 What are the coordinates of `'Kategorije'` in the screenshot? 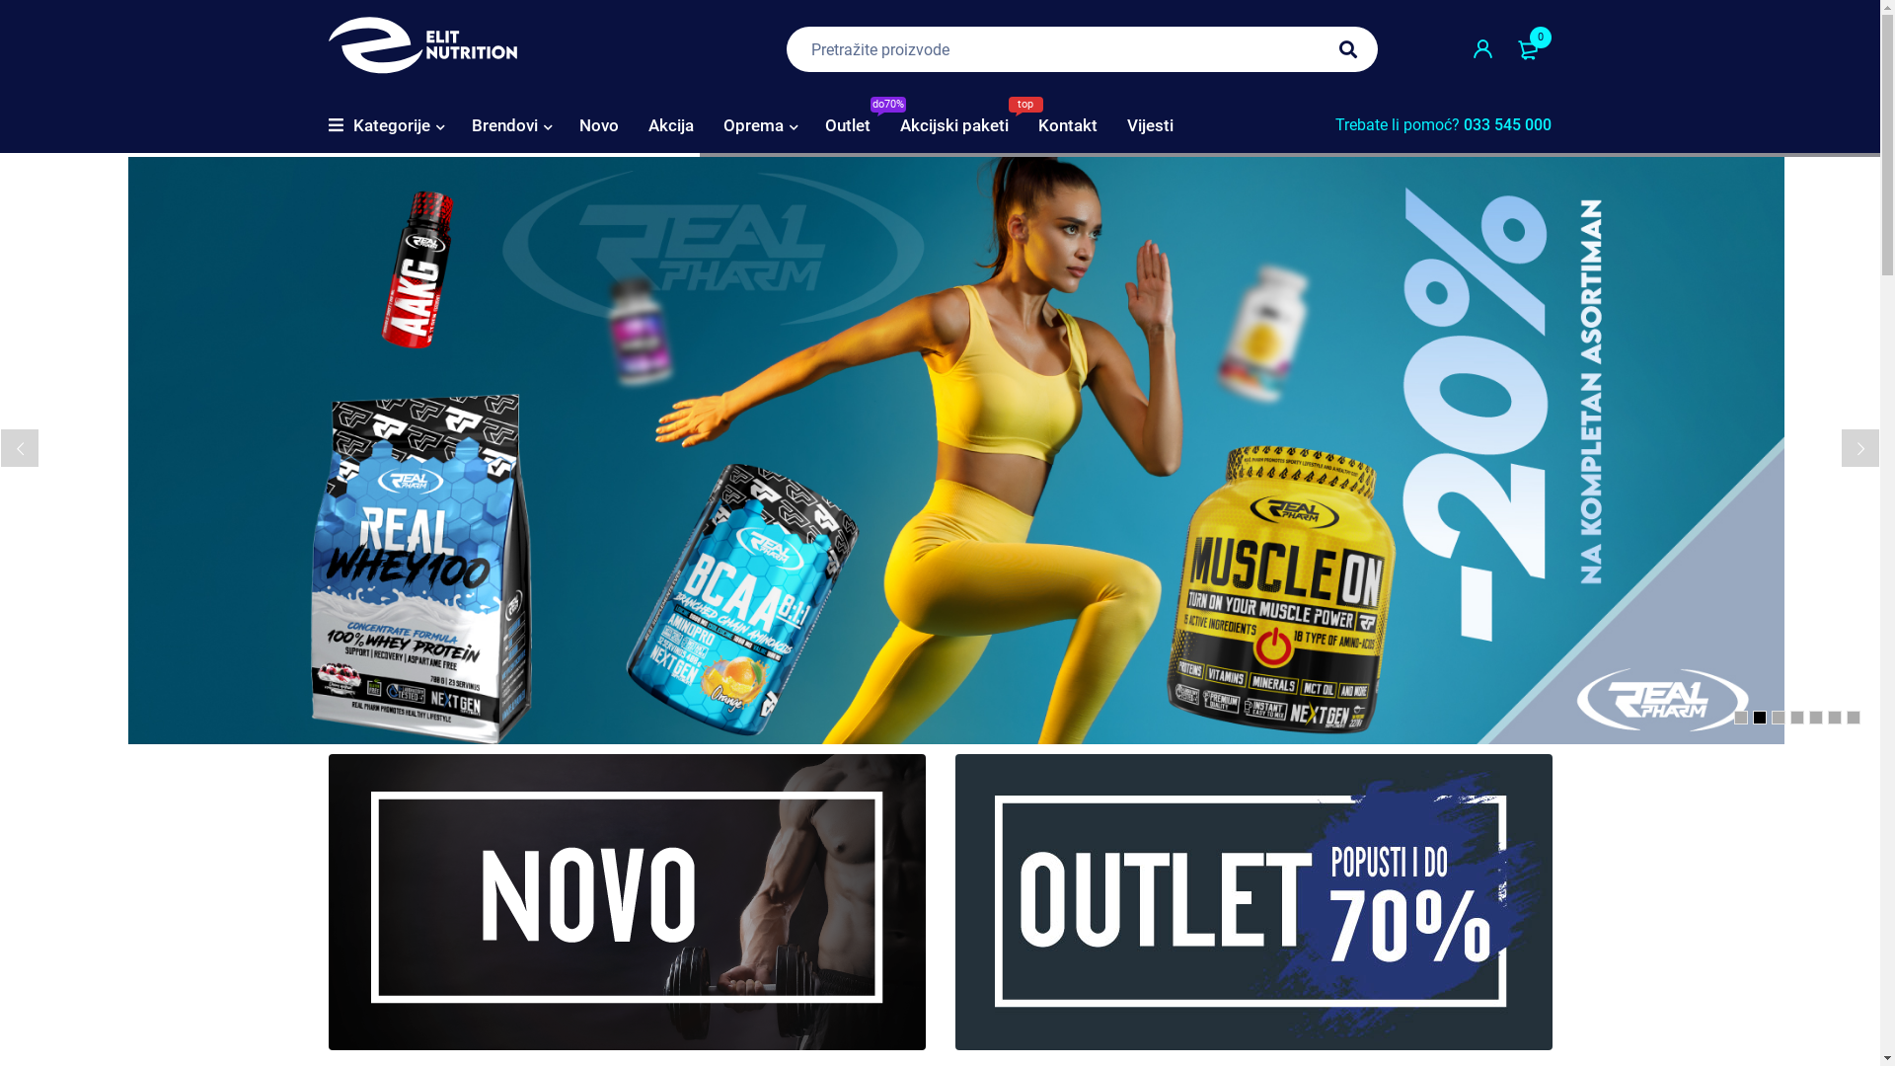 It's located at (392, 125).